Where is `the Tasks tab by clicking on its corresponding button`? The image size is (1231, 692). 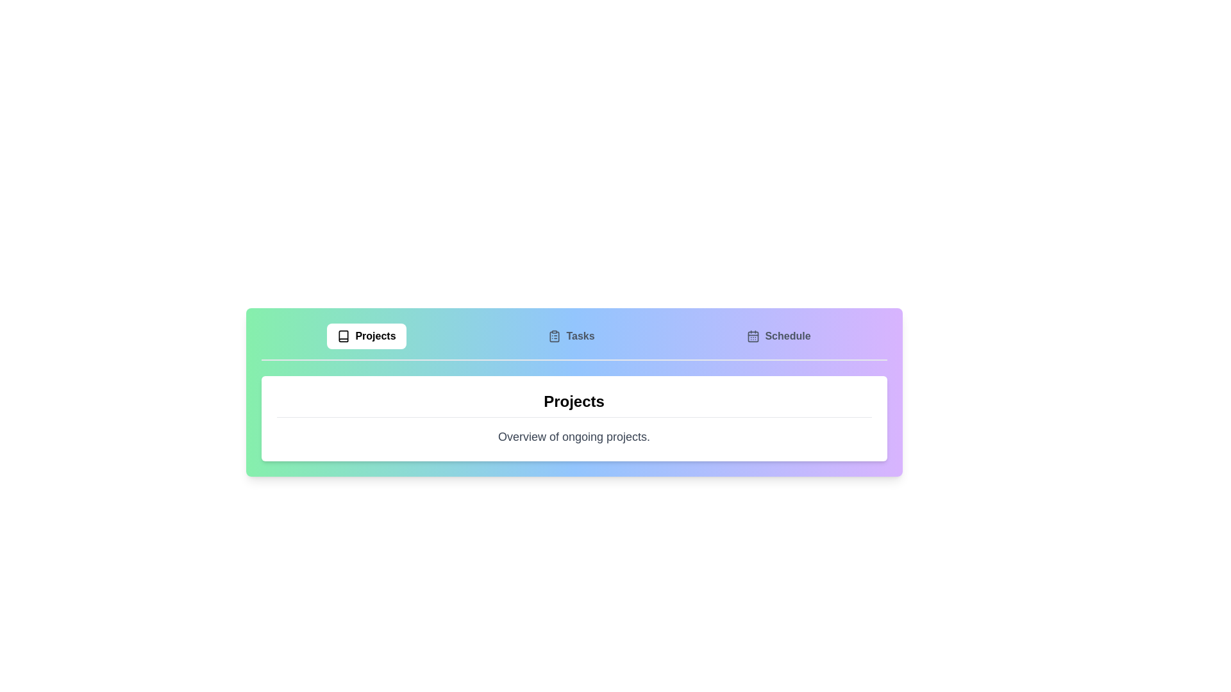
the Tasks tab by clicking on its corresponding button is located at coordinates (571, 335).